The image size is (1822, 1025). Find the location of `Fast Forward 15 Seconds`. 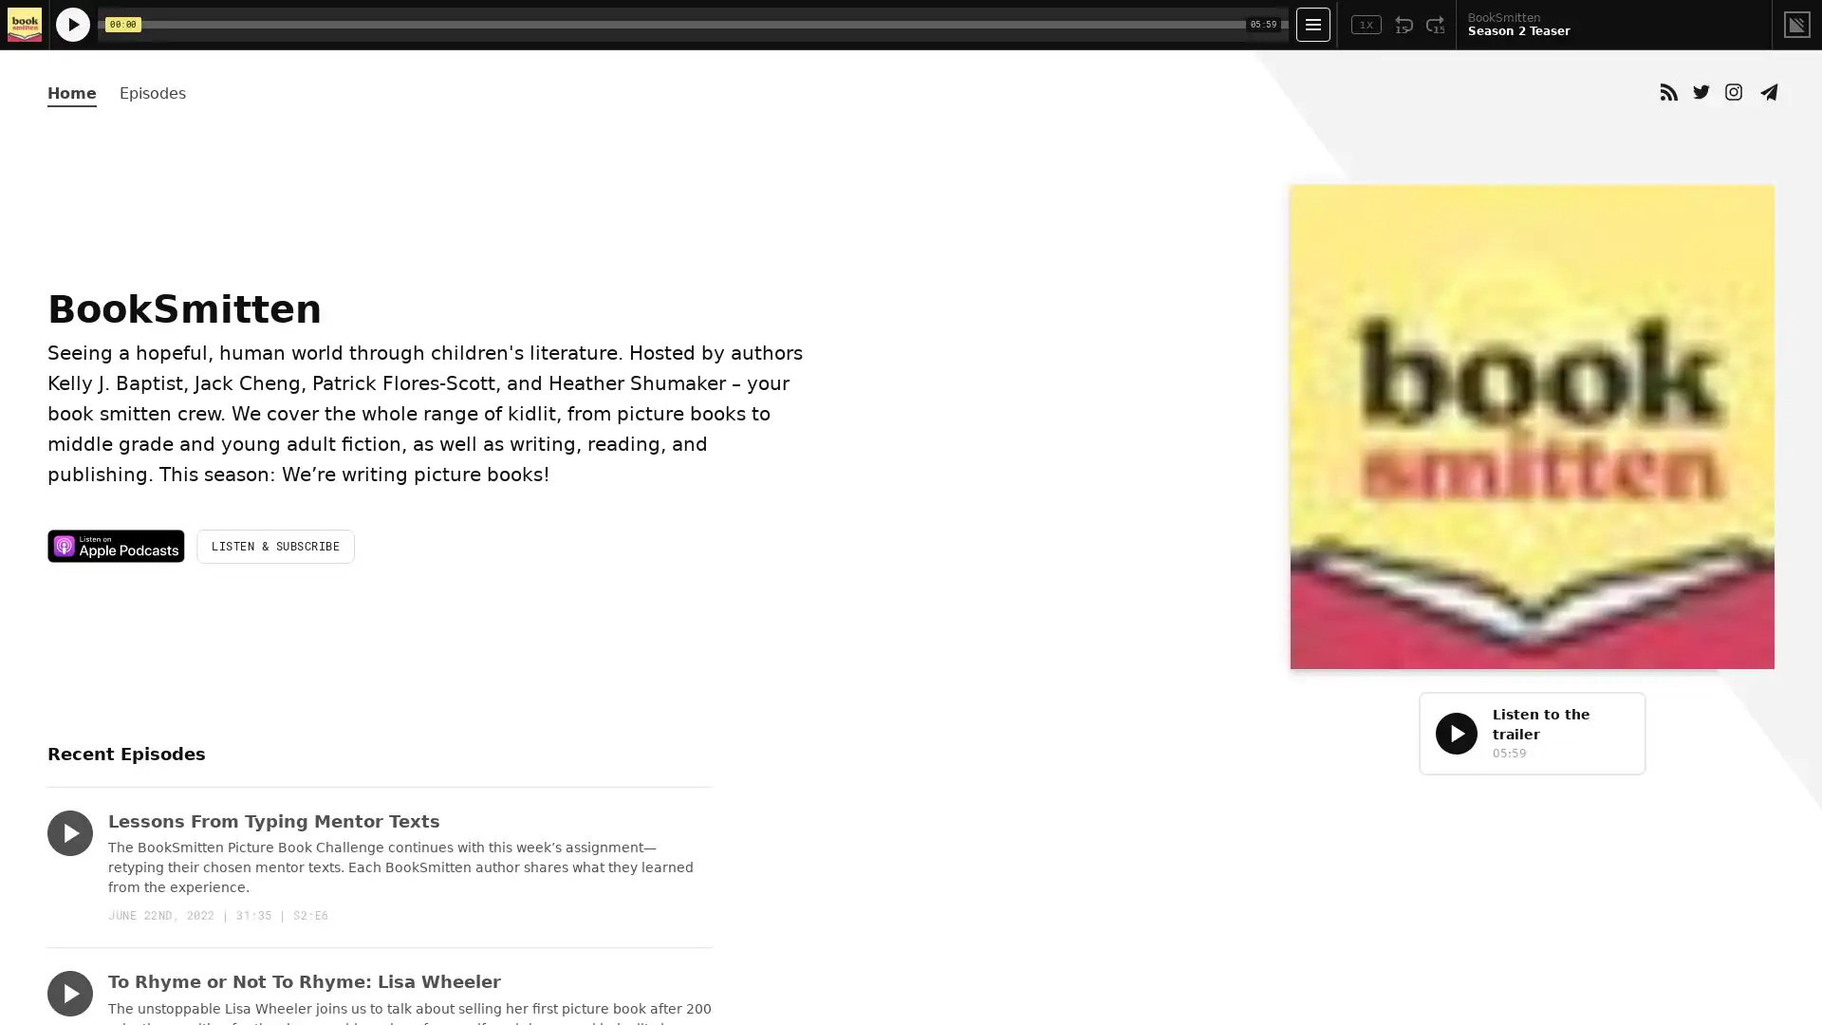

Fast Forward 15 Seconds is located at coordinates (1435, 25).